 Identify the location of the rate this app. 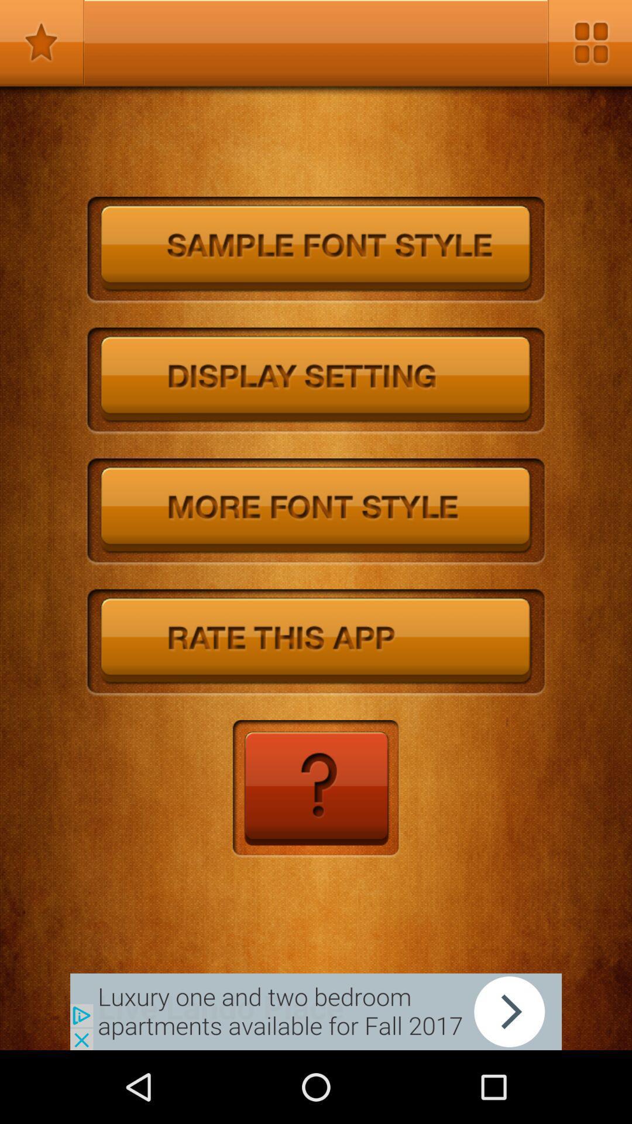
(316, 642).